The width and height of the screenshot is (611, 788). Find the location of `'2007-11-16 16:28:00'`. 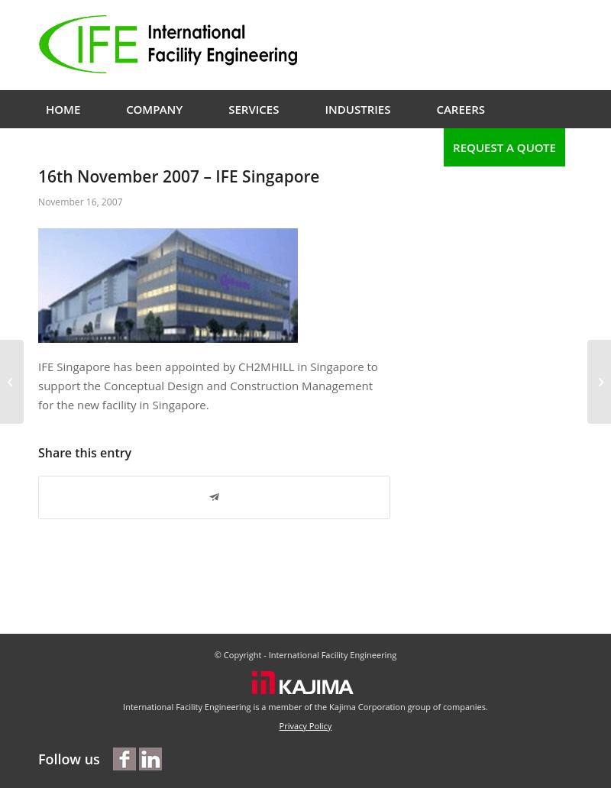

'2007-11-16 16:28:00' is located at coordinates (320, 212).